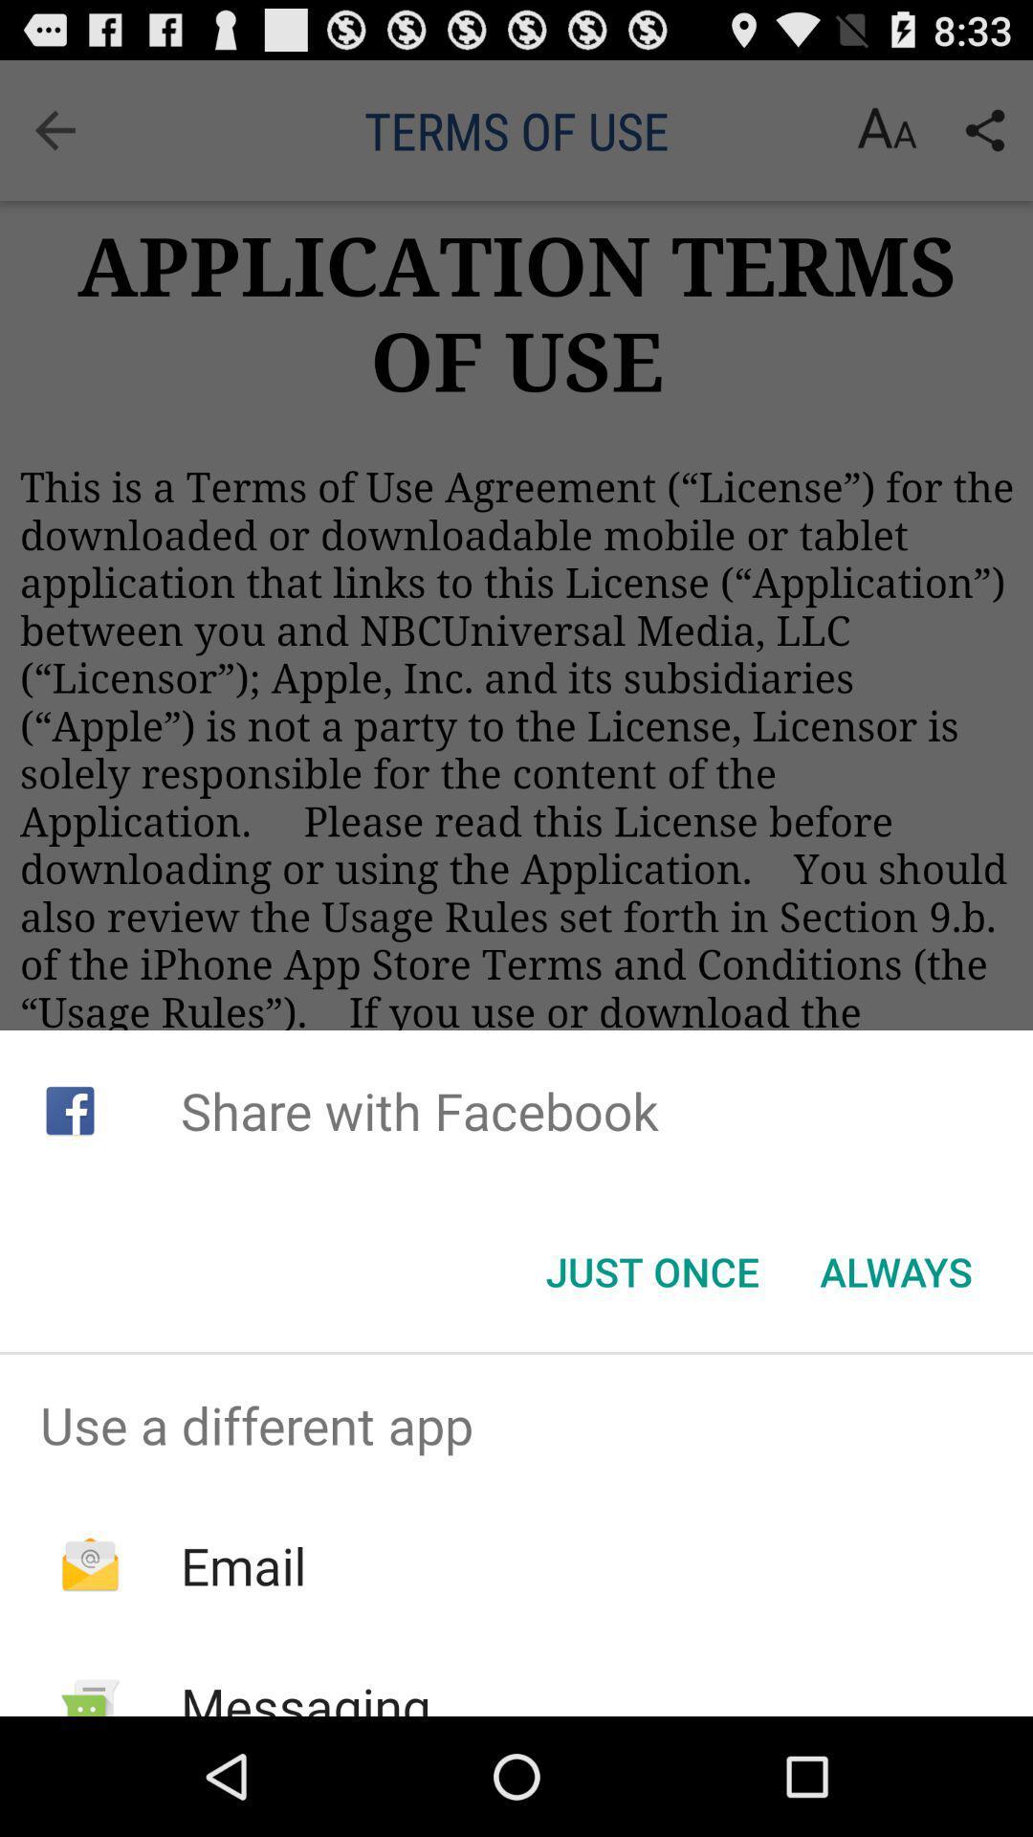 The image size is (1033, 1837). What do you see at coordinates (651, 1272) in the screenshot?
I see `the just once` at bounding box center [651, 1272].